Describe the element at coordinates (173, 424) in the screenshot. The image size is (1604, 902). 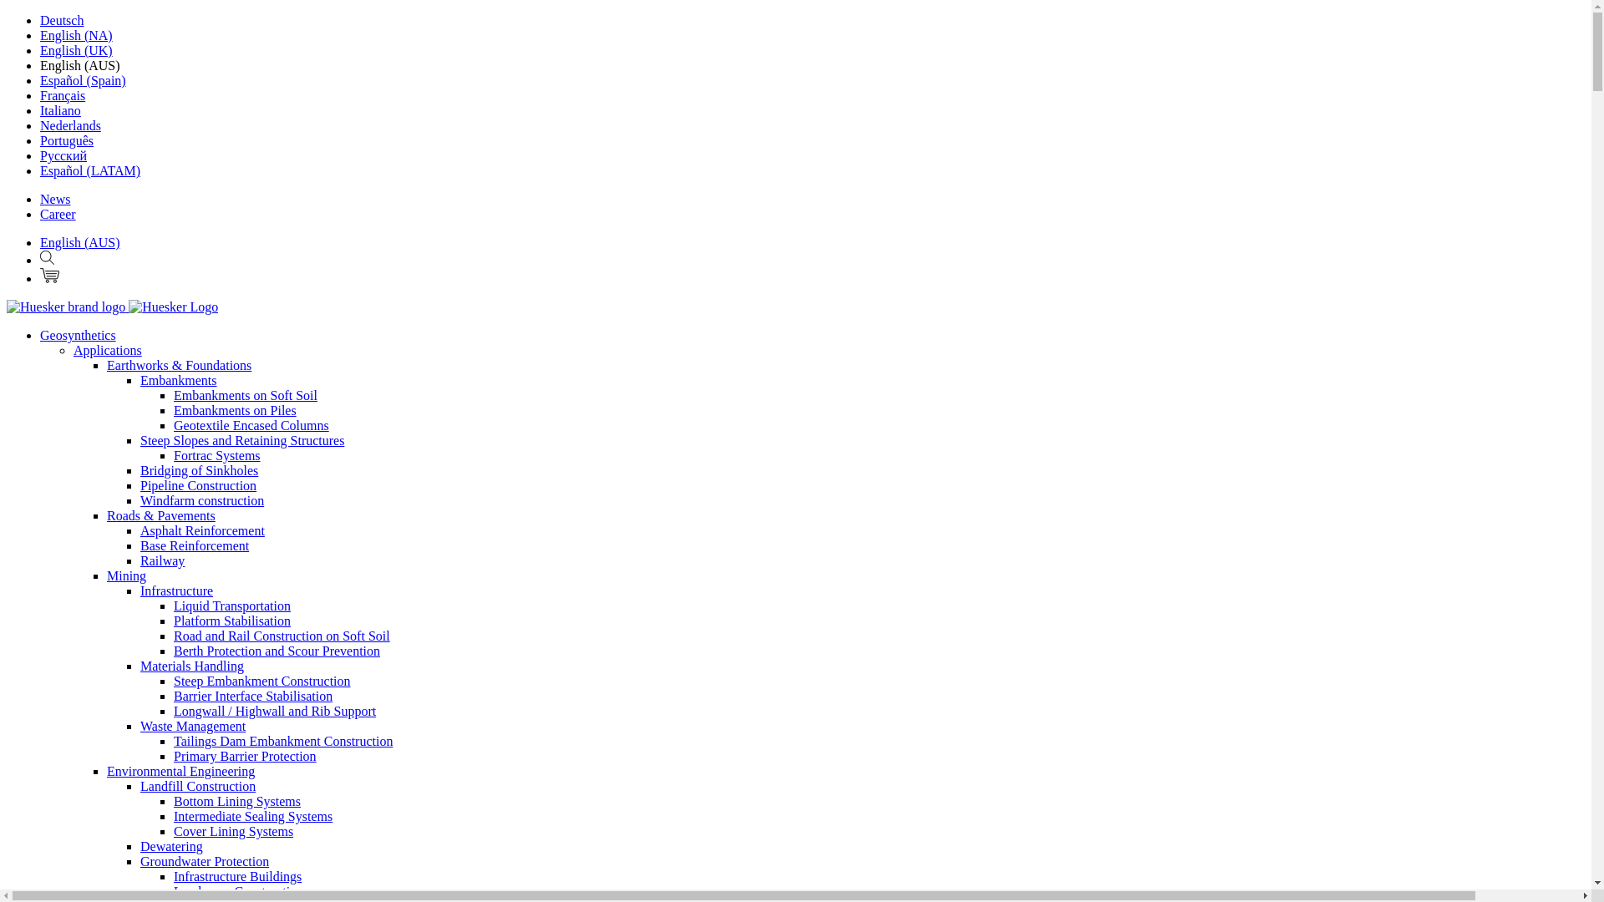
I see `'Geotextile Encased Columns'` at that location.